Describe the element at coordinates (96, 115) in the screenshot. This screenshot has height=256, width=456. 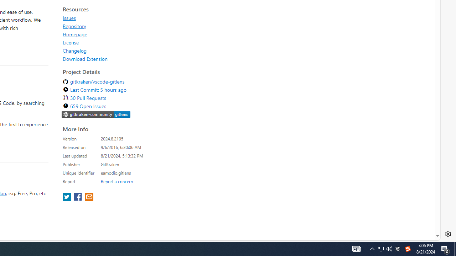
I see `'https://slack.gitkraken.com//'` at that location.